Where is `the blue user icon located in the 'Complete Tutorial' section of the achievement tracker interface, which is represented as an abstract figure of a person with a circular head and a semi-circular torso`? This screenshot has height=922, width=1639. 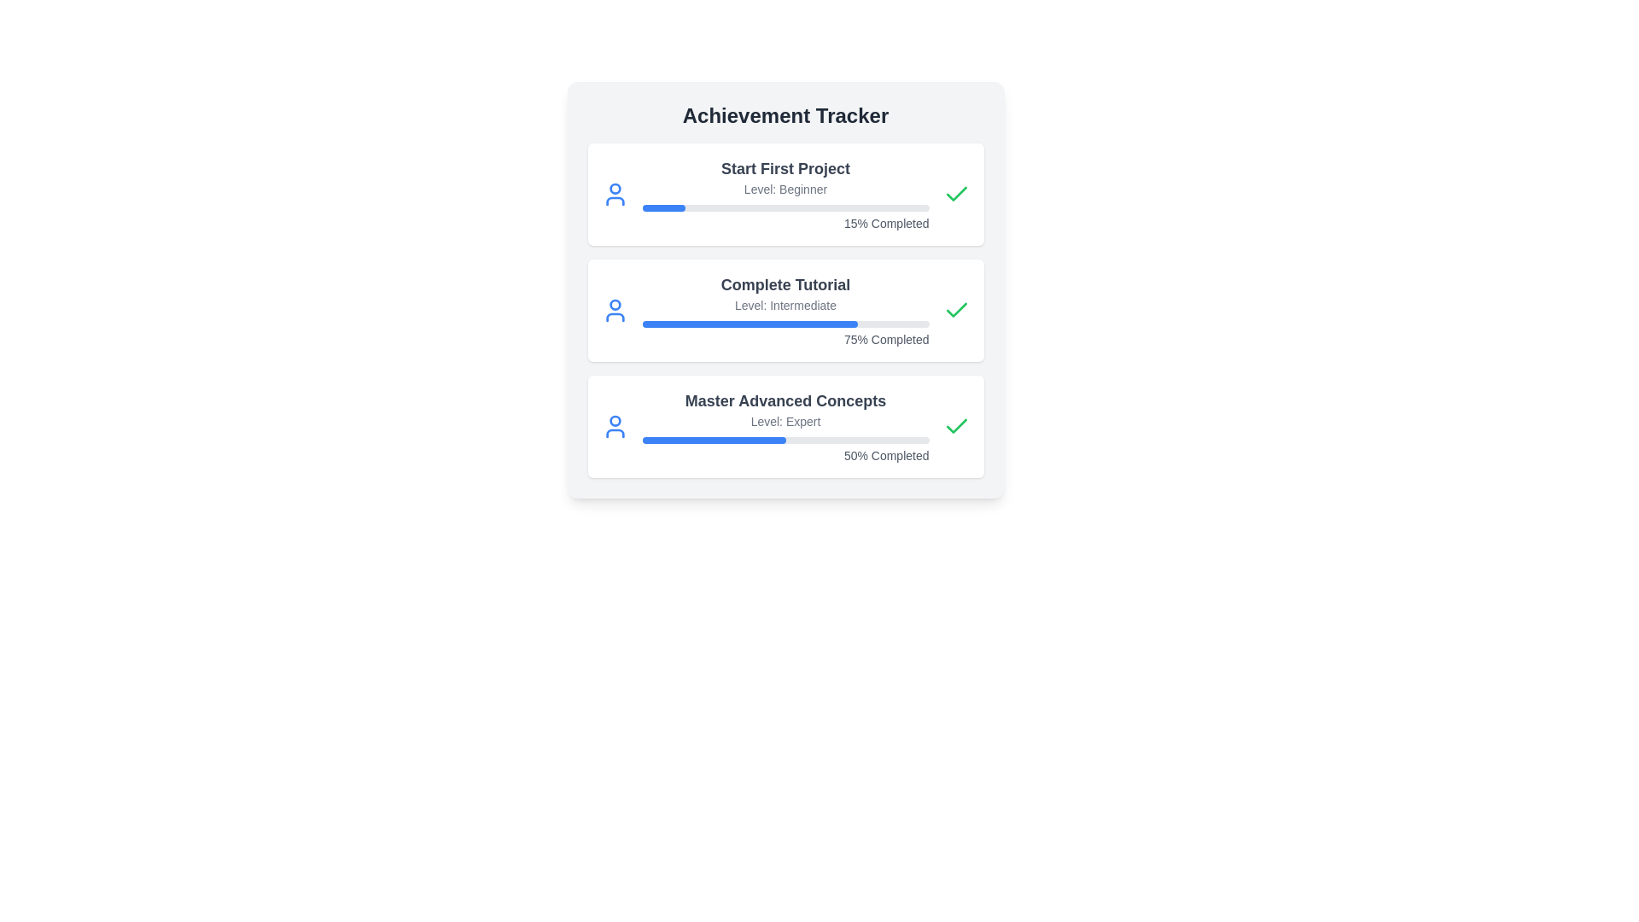
the blue user icon located in the 'Complete Tutorial' section of the achievement tracker interface, which is represented as an abstract figure of a person with a circular head and a semi-circular torso is located at coordinates (615, 310).